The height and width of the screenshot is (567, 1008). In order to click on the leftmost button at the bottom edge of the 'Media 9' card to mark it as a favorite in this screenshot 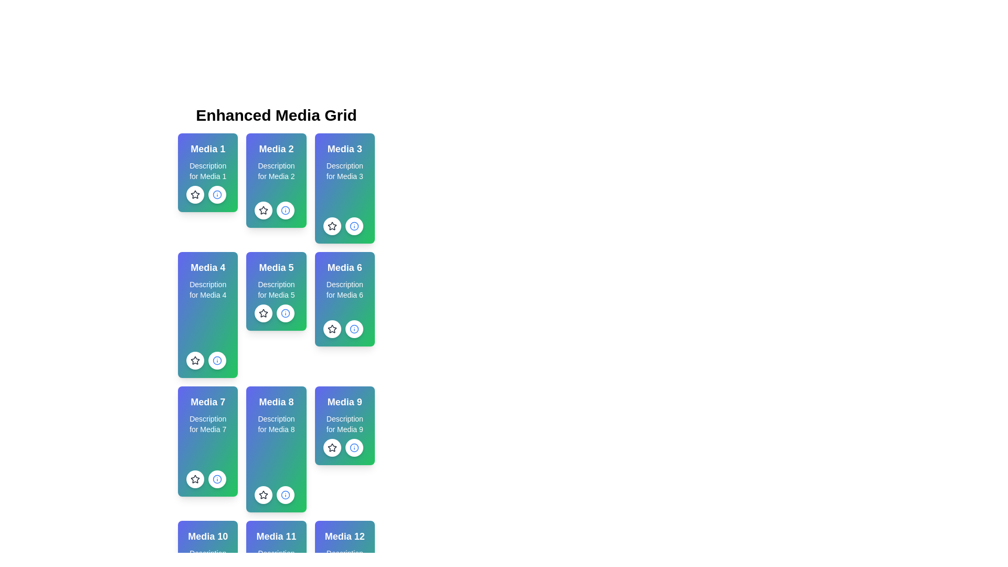, I will do `click(331, 447)`.